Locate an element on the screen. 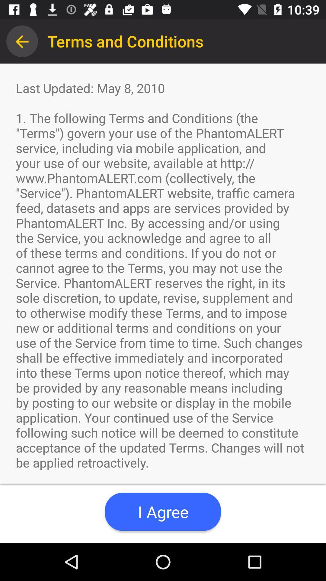 The height and width of the screenshot is (581, 326). app below the terms and conditions app is located at coordinates (162, 511).